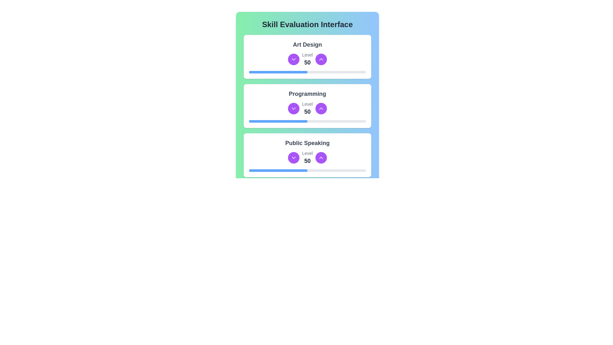  I want to click on the slider value, so click(272, 170).